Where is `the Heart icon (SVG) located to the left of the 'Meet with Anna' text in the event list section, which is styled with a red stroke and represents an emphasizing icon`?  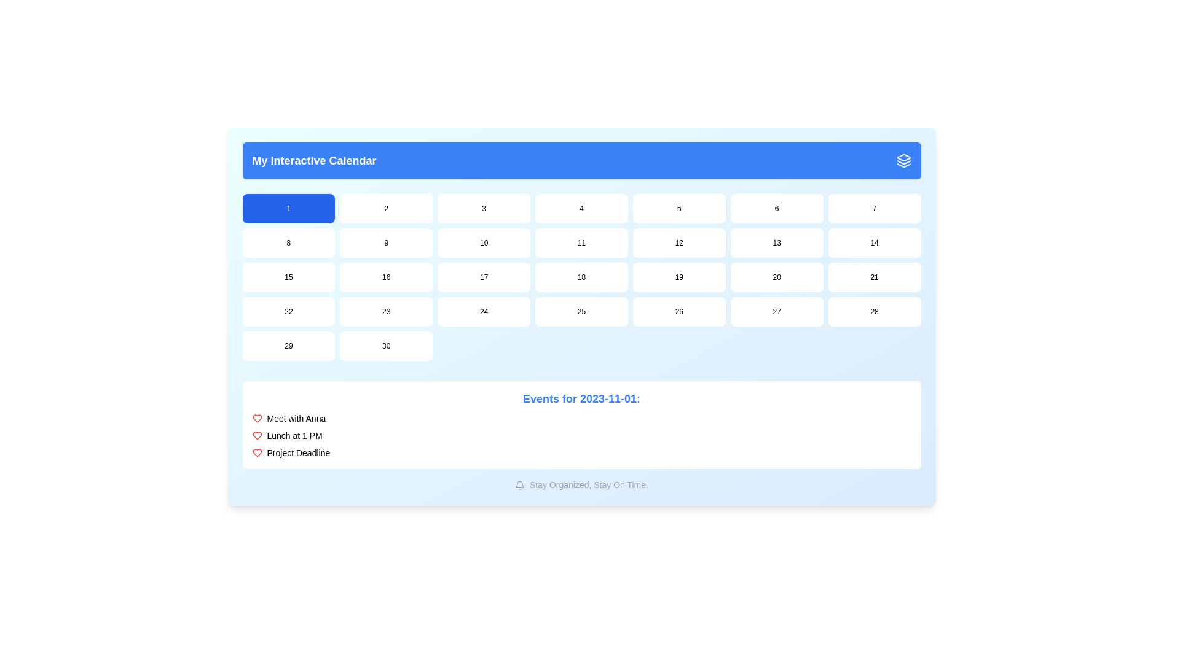
the Heart icon (SVG) located to the left of the 'Meet with Anna' text in the event list section, which is styled with a red stroke and represents an emphasizing icon is located at coordinates (256, 435).